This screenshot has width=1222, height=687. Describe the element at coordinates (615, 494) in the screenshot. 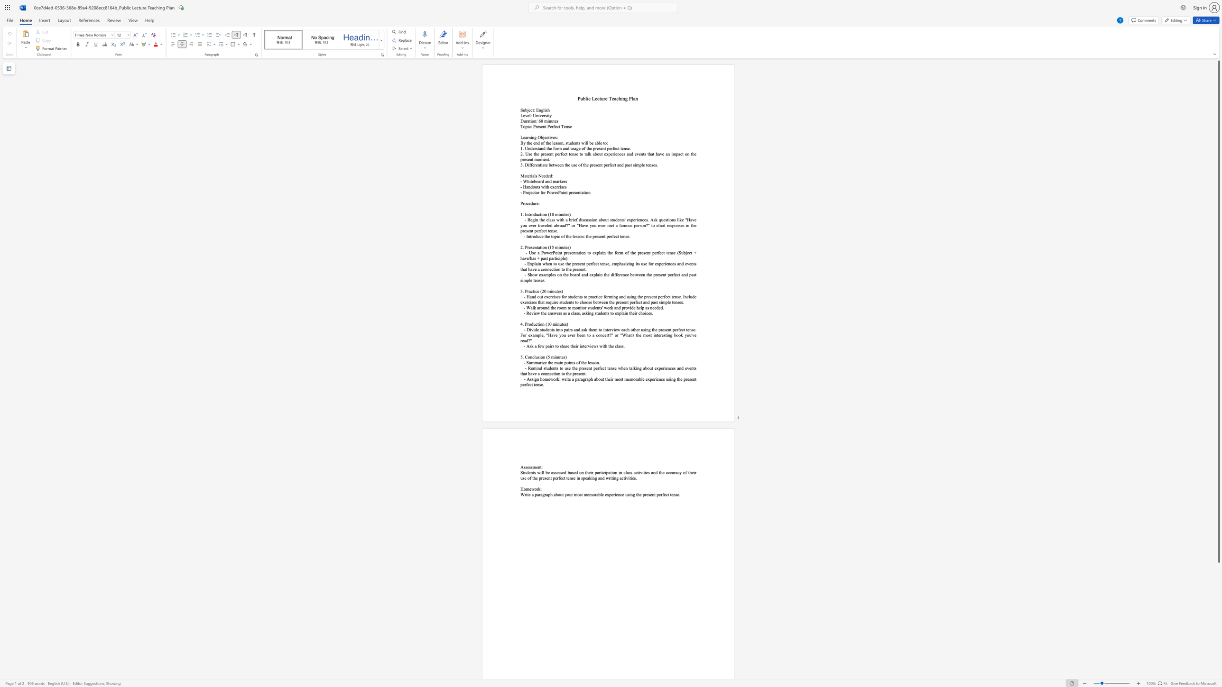

I see `the subset text "ience using the present perfect tens" within the text "Write a paragraph about your most memorable experience using the present perfect tense"` at that location.